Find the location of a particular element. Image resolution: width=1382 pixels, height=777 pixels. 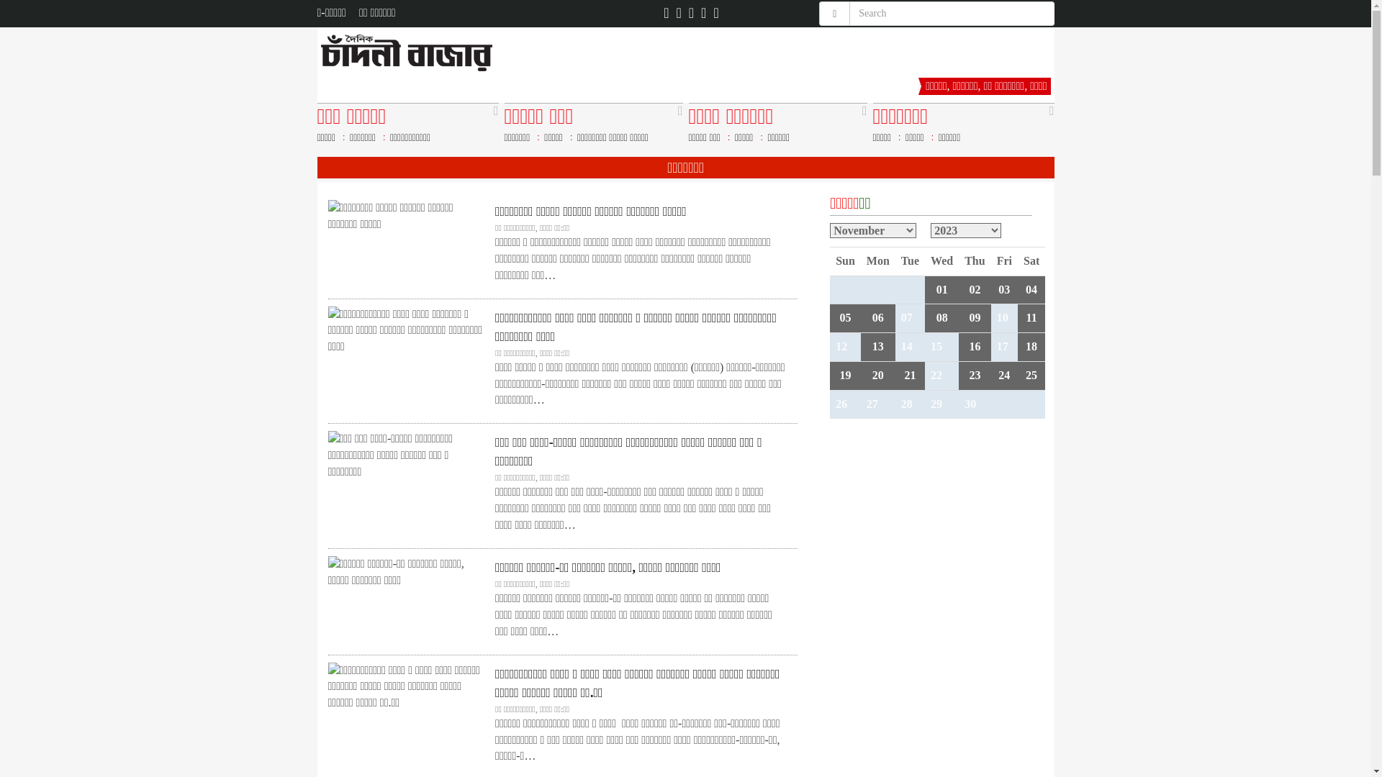

'09' is located at coordinates (974, 317).